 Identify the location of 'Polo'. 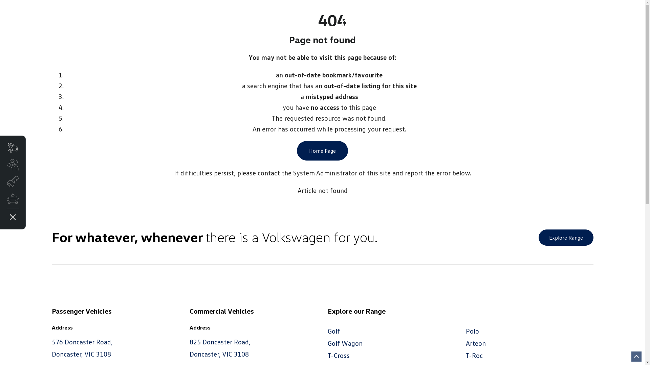
(472, 331).